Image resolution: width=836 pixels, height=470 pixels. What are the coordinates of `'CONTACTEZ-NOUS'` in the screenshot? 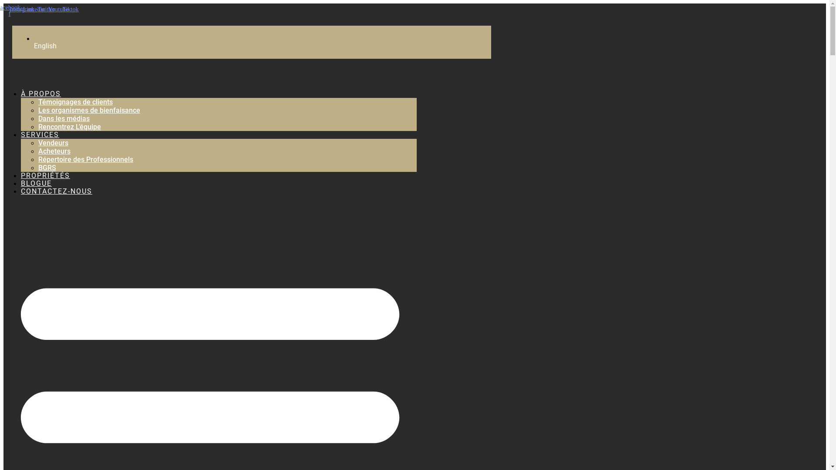 It's located at (56, 191).